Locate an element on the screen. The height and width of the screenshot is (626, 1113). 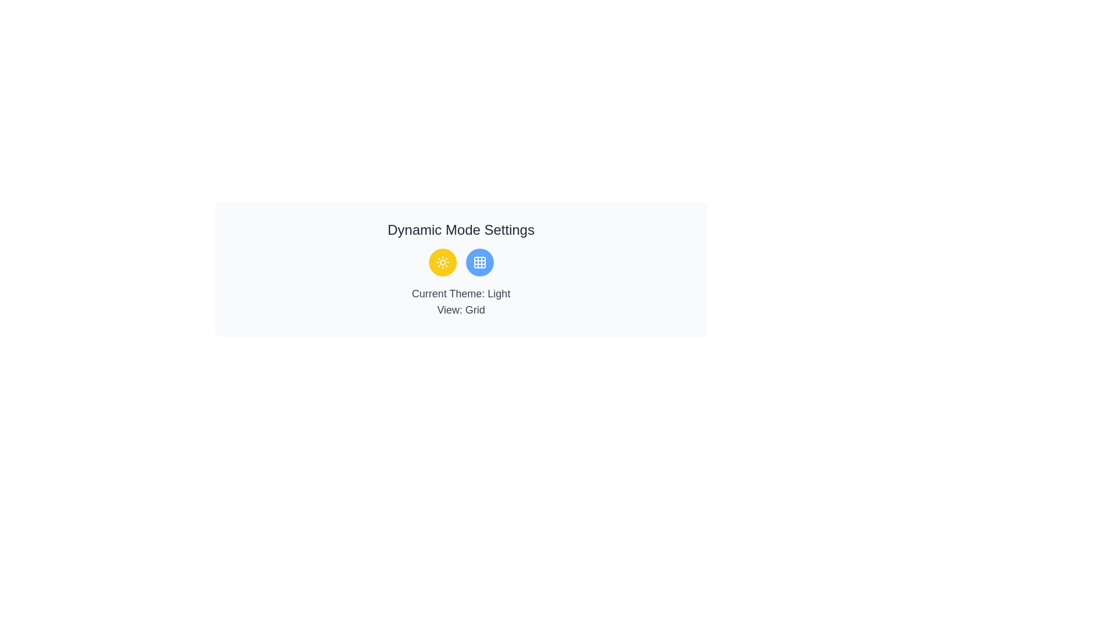
the graphical component inside the grid icon that represents the 'View: Grid' option located in the top-left corner of the grid layout is located at coordinates (479, 262).